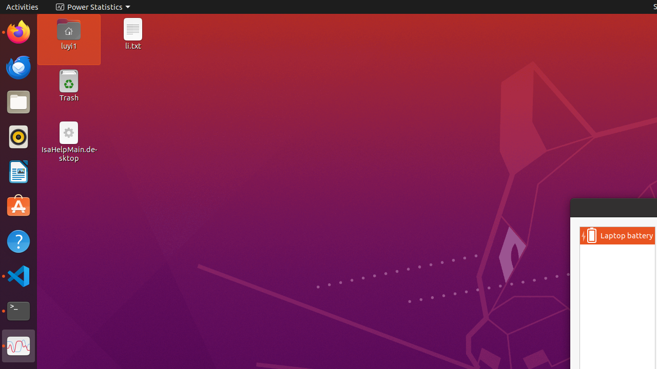 The image size is (657, 369). Describe the element at coordinates (68, 45) in the screenshot. I see `'luyi1'` at that location.